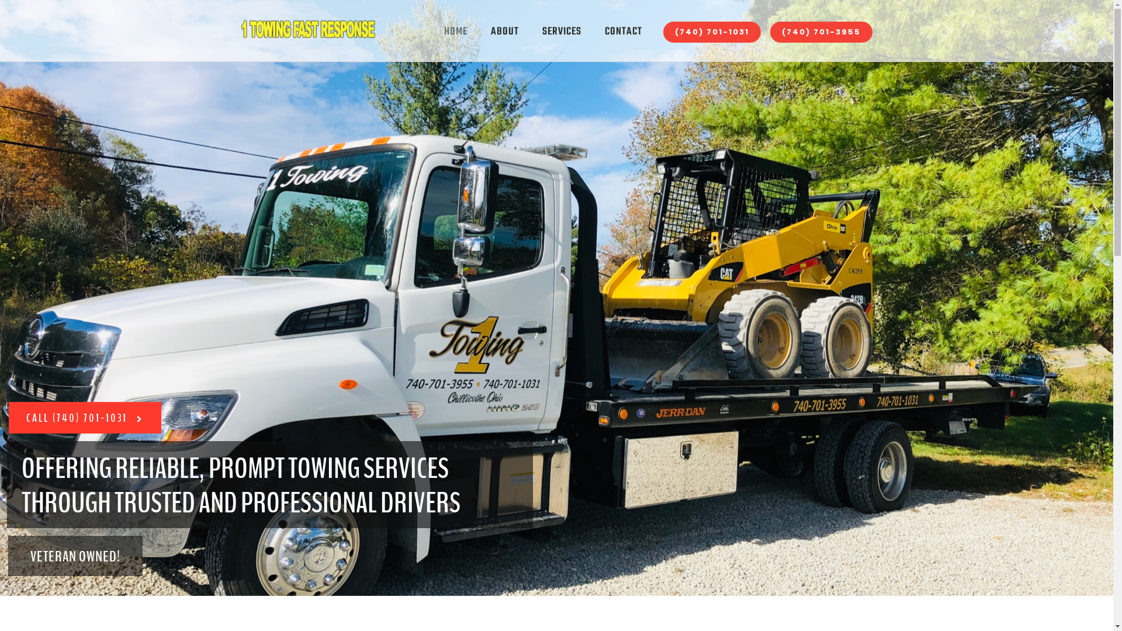 Image resolution: width=1122 pixels, height=631 pixels. What do you see at coordinates (820, 31) in the screenshot?
I see `'(740) 701-3955'` at bounding box center [820, 31].